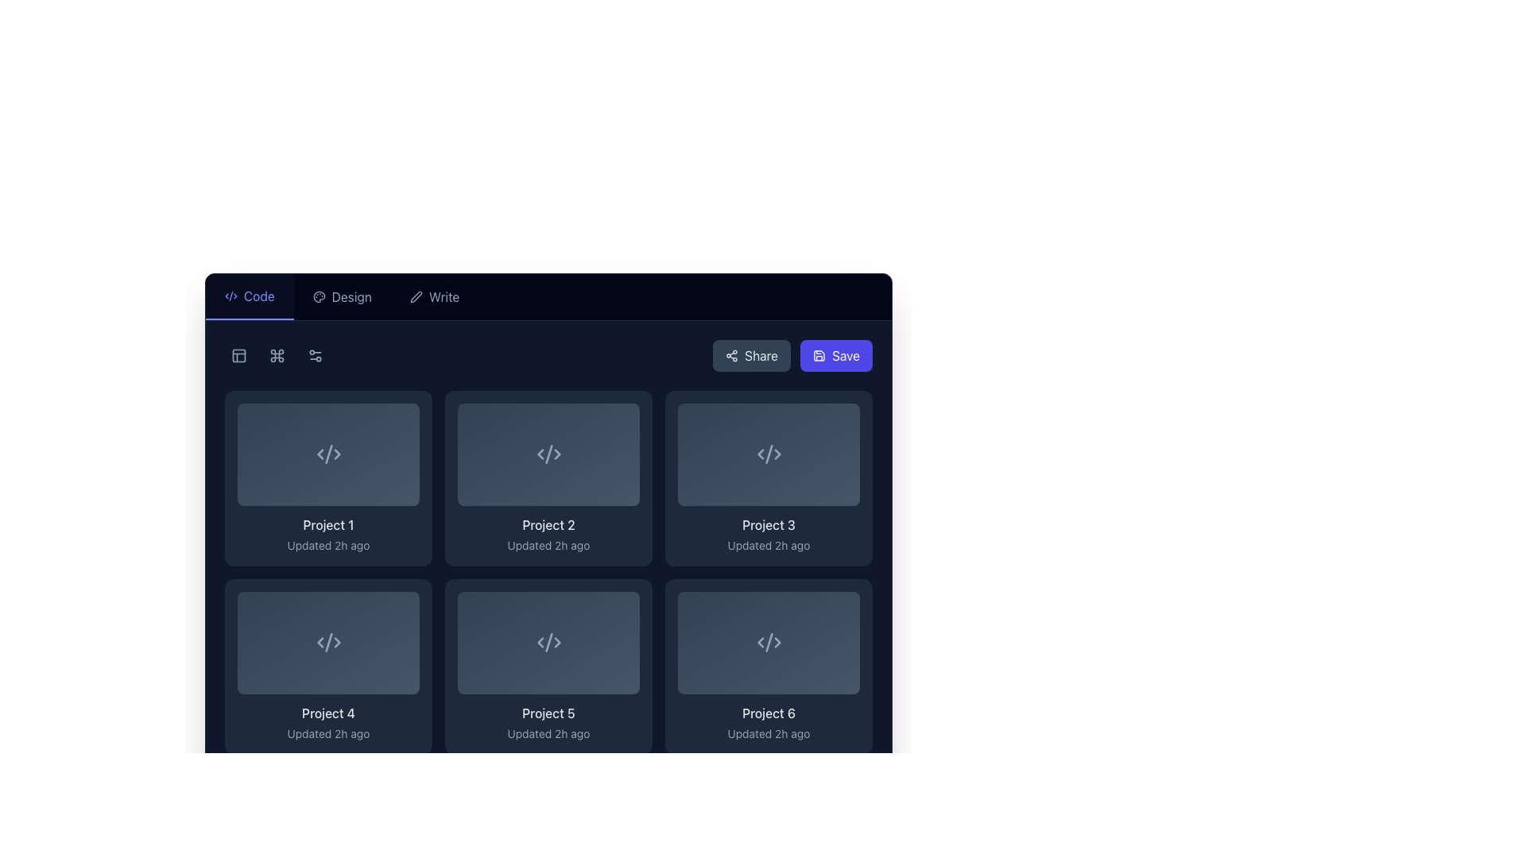 The image size is (1526, 858). Describe the element at coordinates (435, 297) in the screenshot. I see `the 'Write' navigation button, which is the third option from the left` at that location.